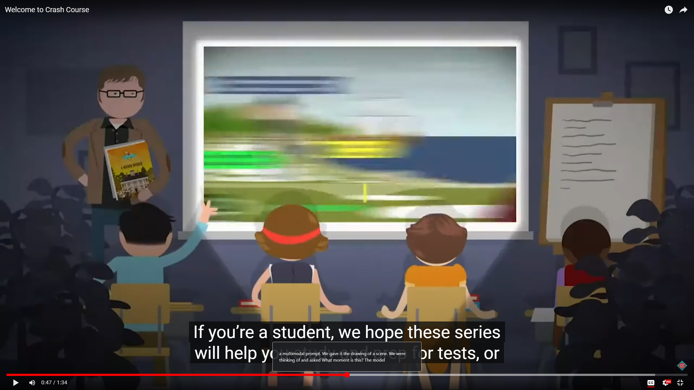  What do you see at coordinates (683, 8) in the screenshot?
I see `'Share'` at bounding box center [683, 8].